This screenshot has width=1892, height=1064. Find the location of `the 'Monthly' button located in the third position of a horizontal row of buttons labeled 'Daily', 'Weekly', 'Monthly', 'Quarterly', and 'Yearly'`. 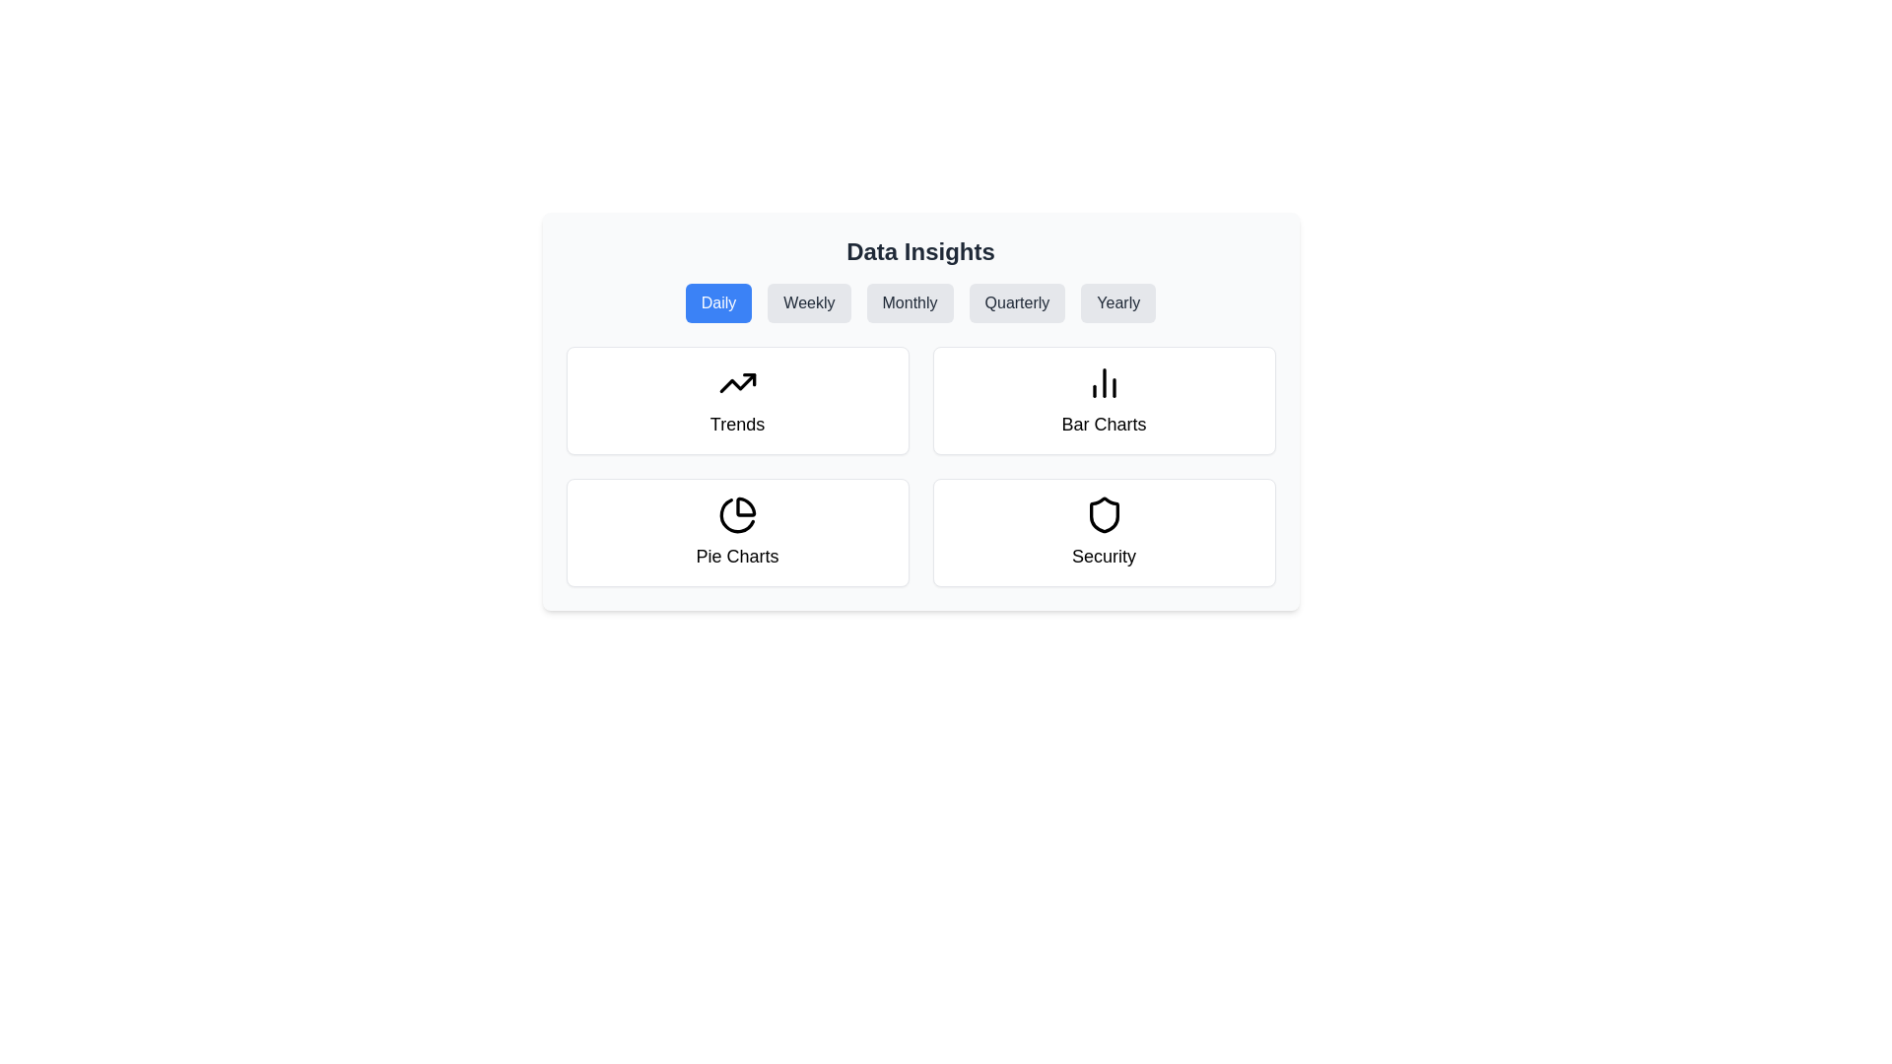

the 'Monthly' button located in the third position of a horizontal row of buttons labeled 'Daily', 'Weekly', 'Monthly', 'Quarterly', and 'Yearly' is located at coordinates (909, 303).